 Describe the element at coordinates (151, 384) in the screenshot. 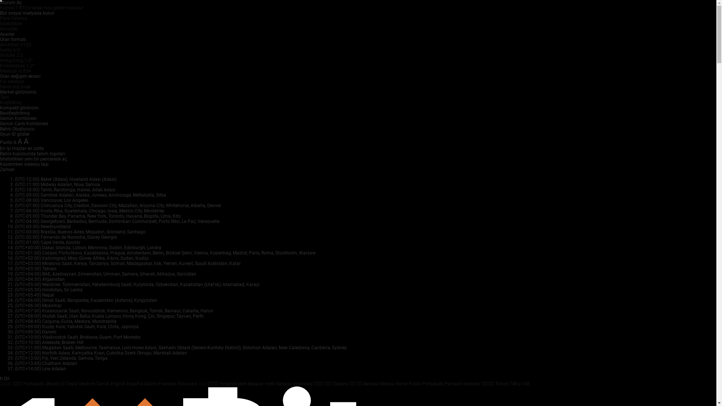

I see `'Suomi'` at that location.